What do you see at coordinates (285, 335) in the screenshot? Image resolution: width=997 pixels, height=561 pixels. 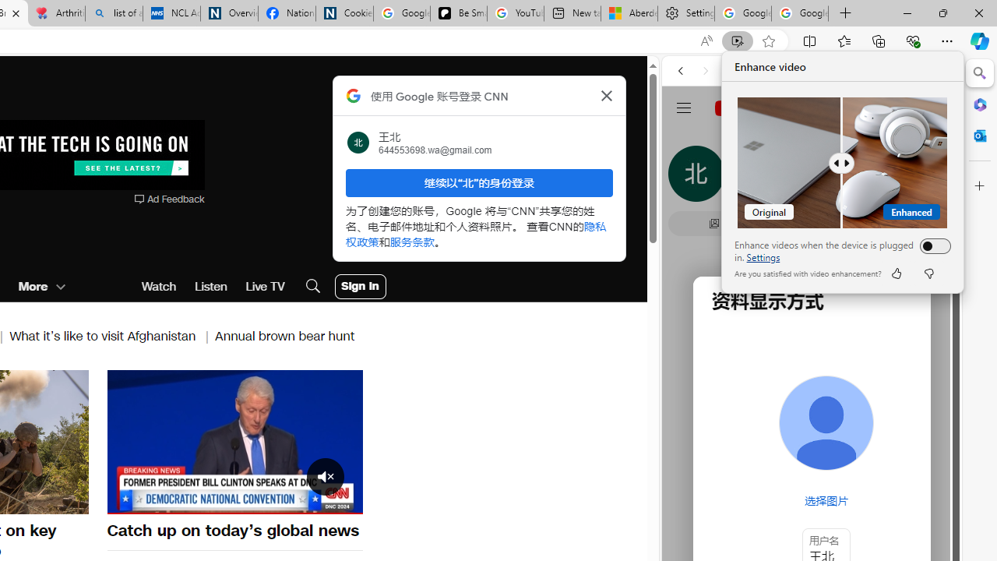 I see `'Annual brown bear hunt'` at bounding box center [285, 335].